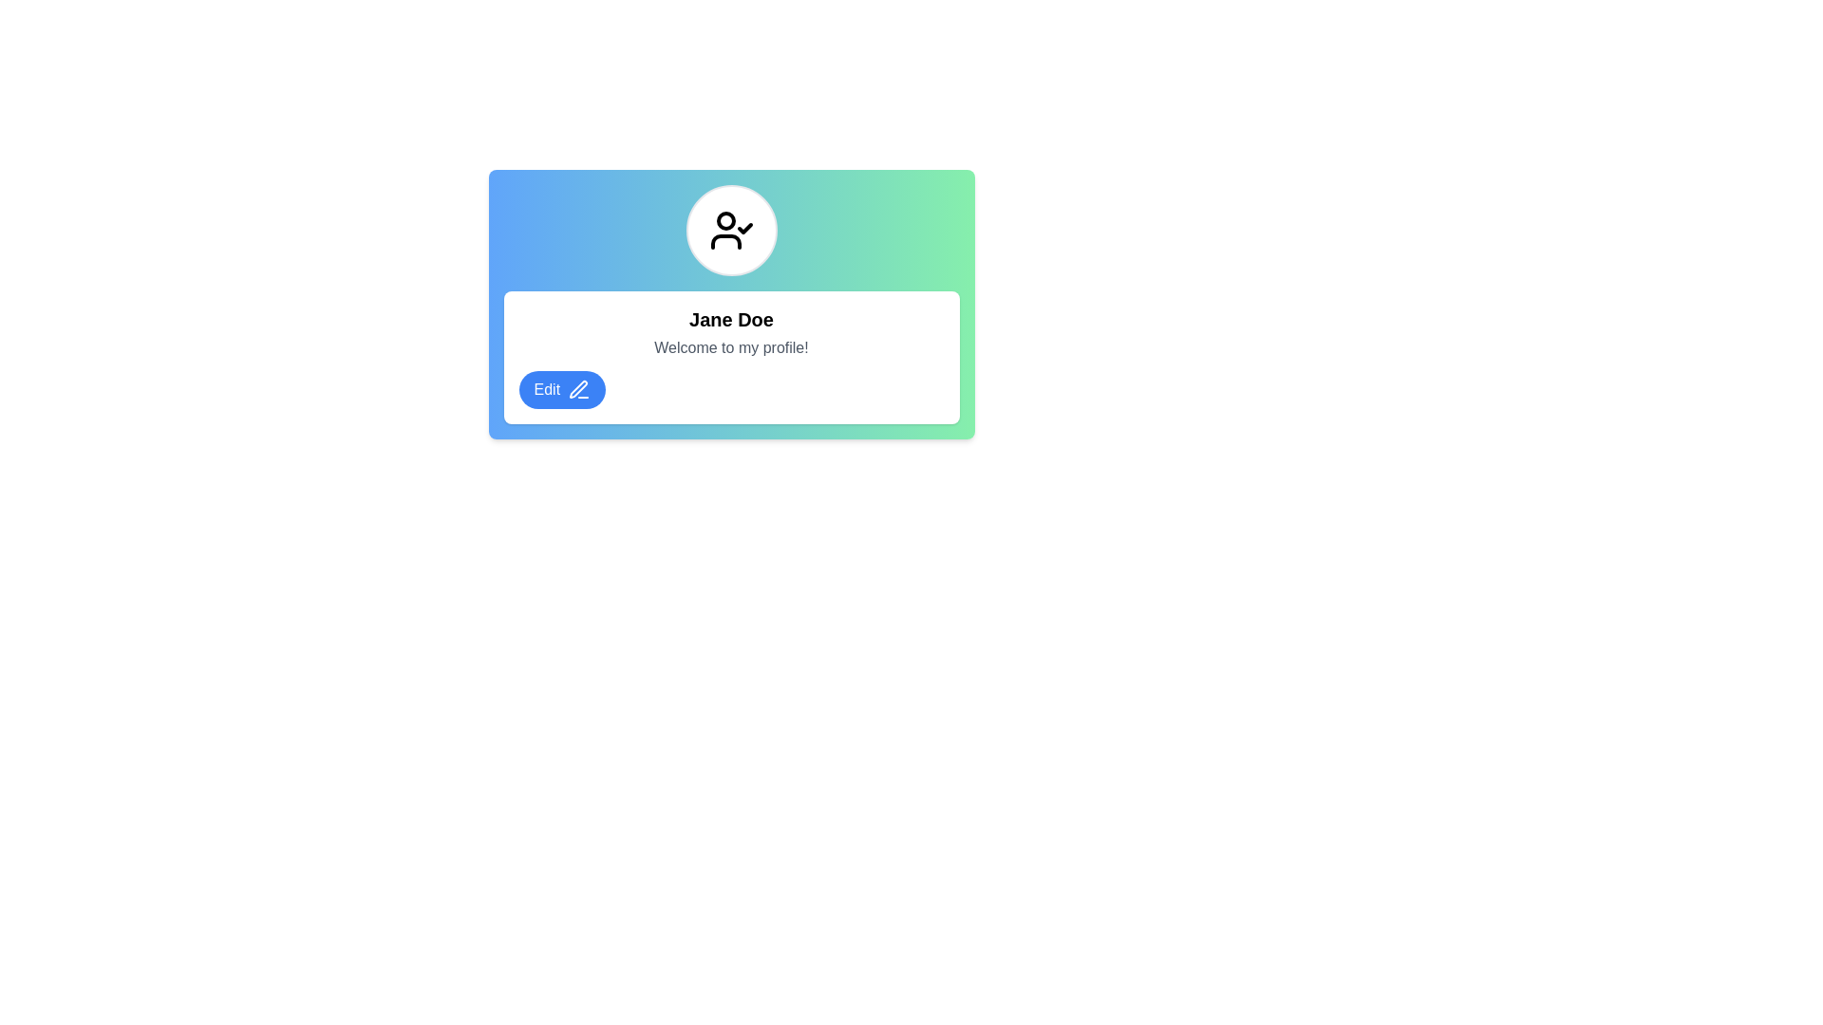 This screenshot has height=1025, width=1823. What do you see at coordinates (730, 347) in the screenshot?
I see `the static text element that welcomes users to the profile section, which is located beneath the text 'Jane Doe' and above the 'Edit' button` at bounding box center [730, 347].